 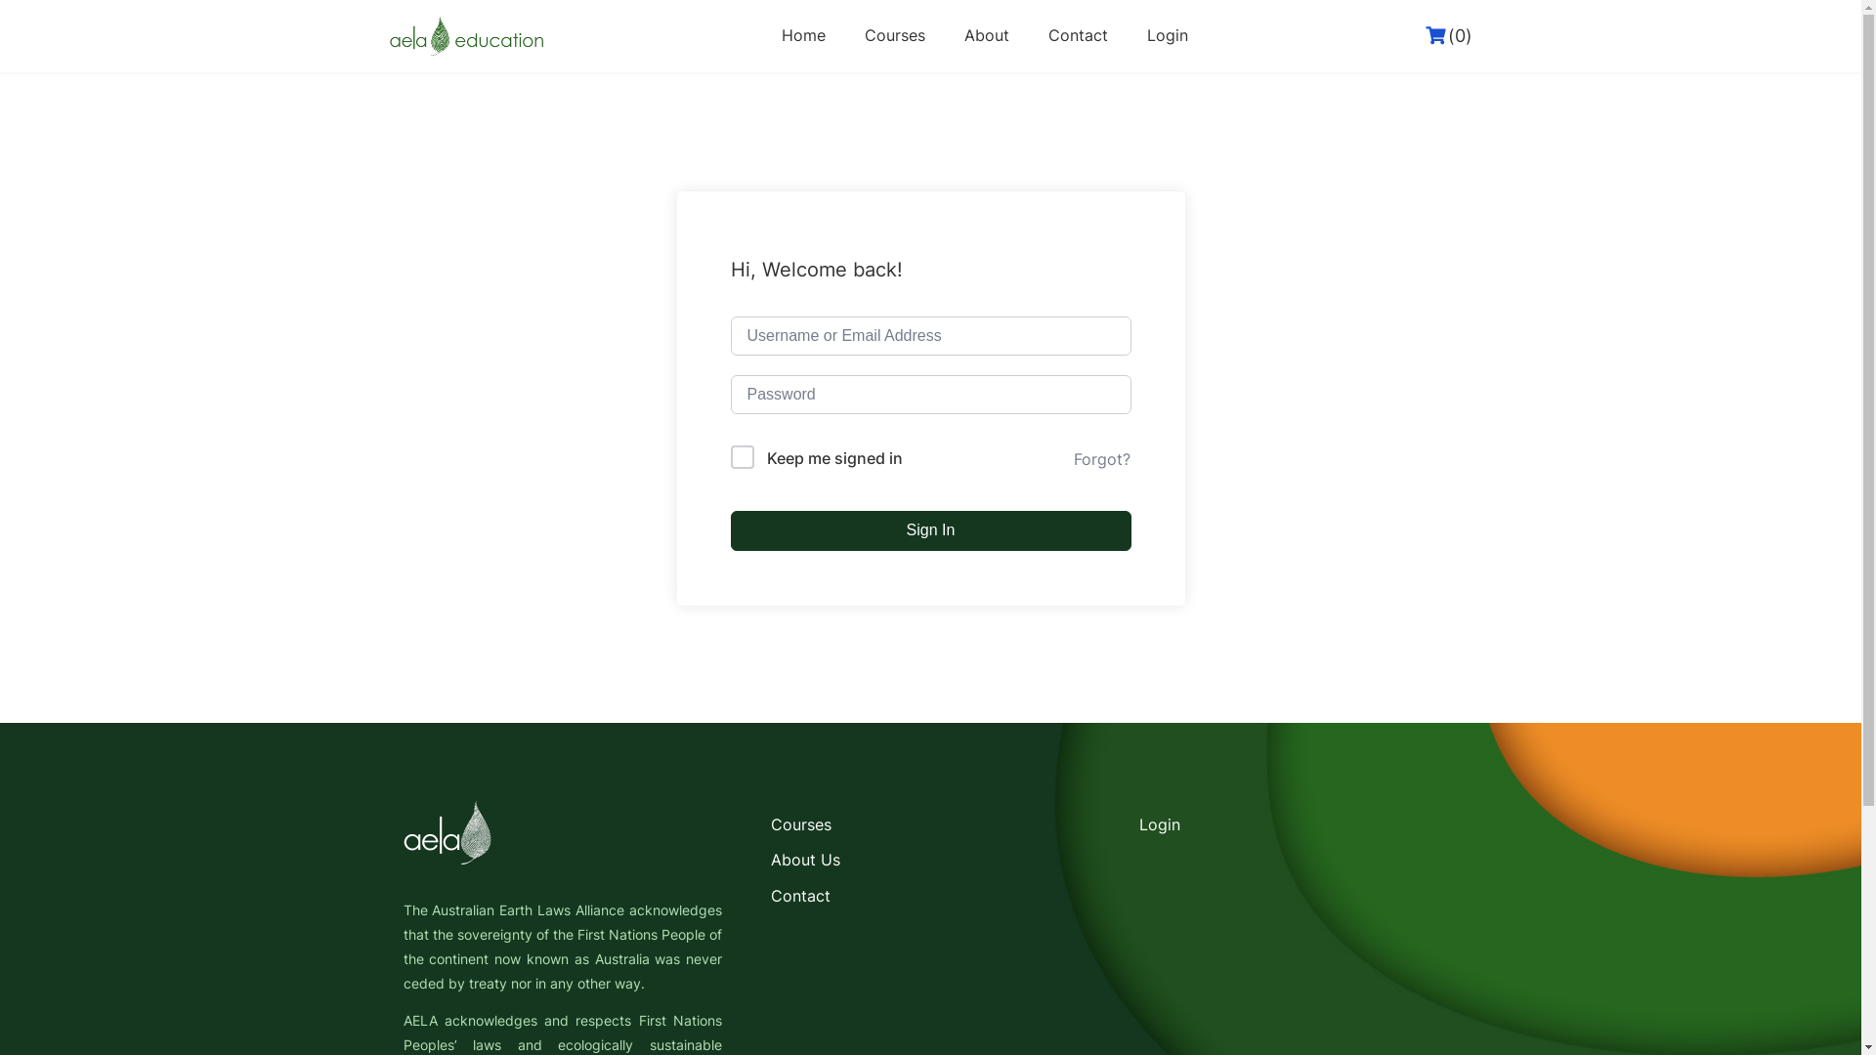 I want to click on '(0)', so click(x=1449, y=36).